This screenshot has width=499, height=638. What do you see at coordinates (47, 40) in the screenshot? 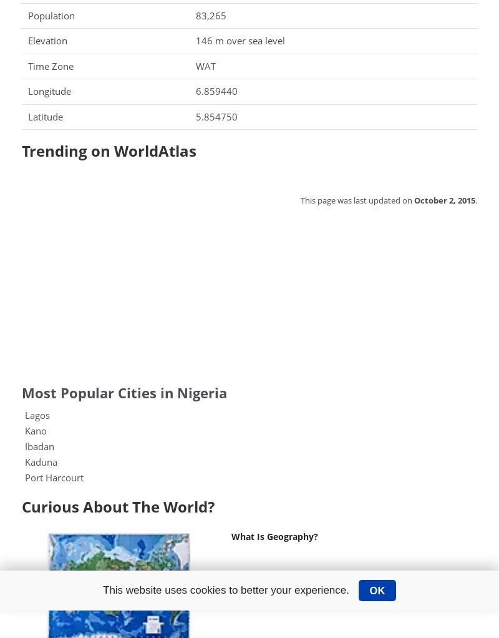
I see `'Elevation'` at bounding box center [47, 40].